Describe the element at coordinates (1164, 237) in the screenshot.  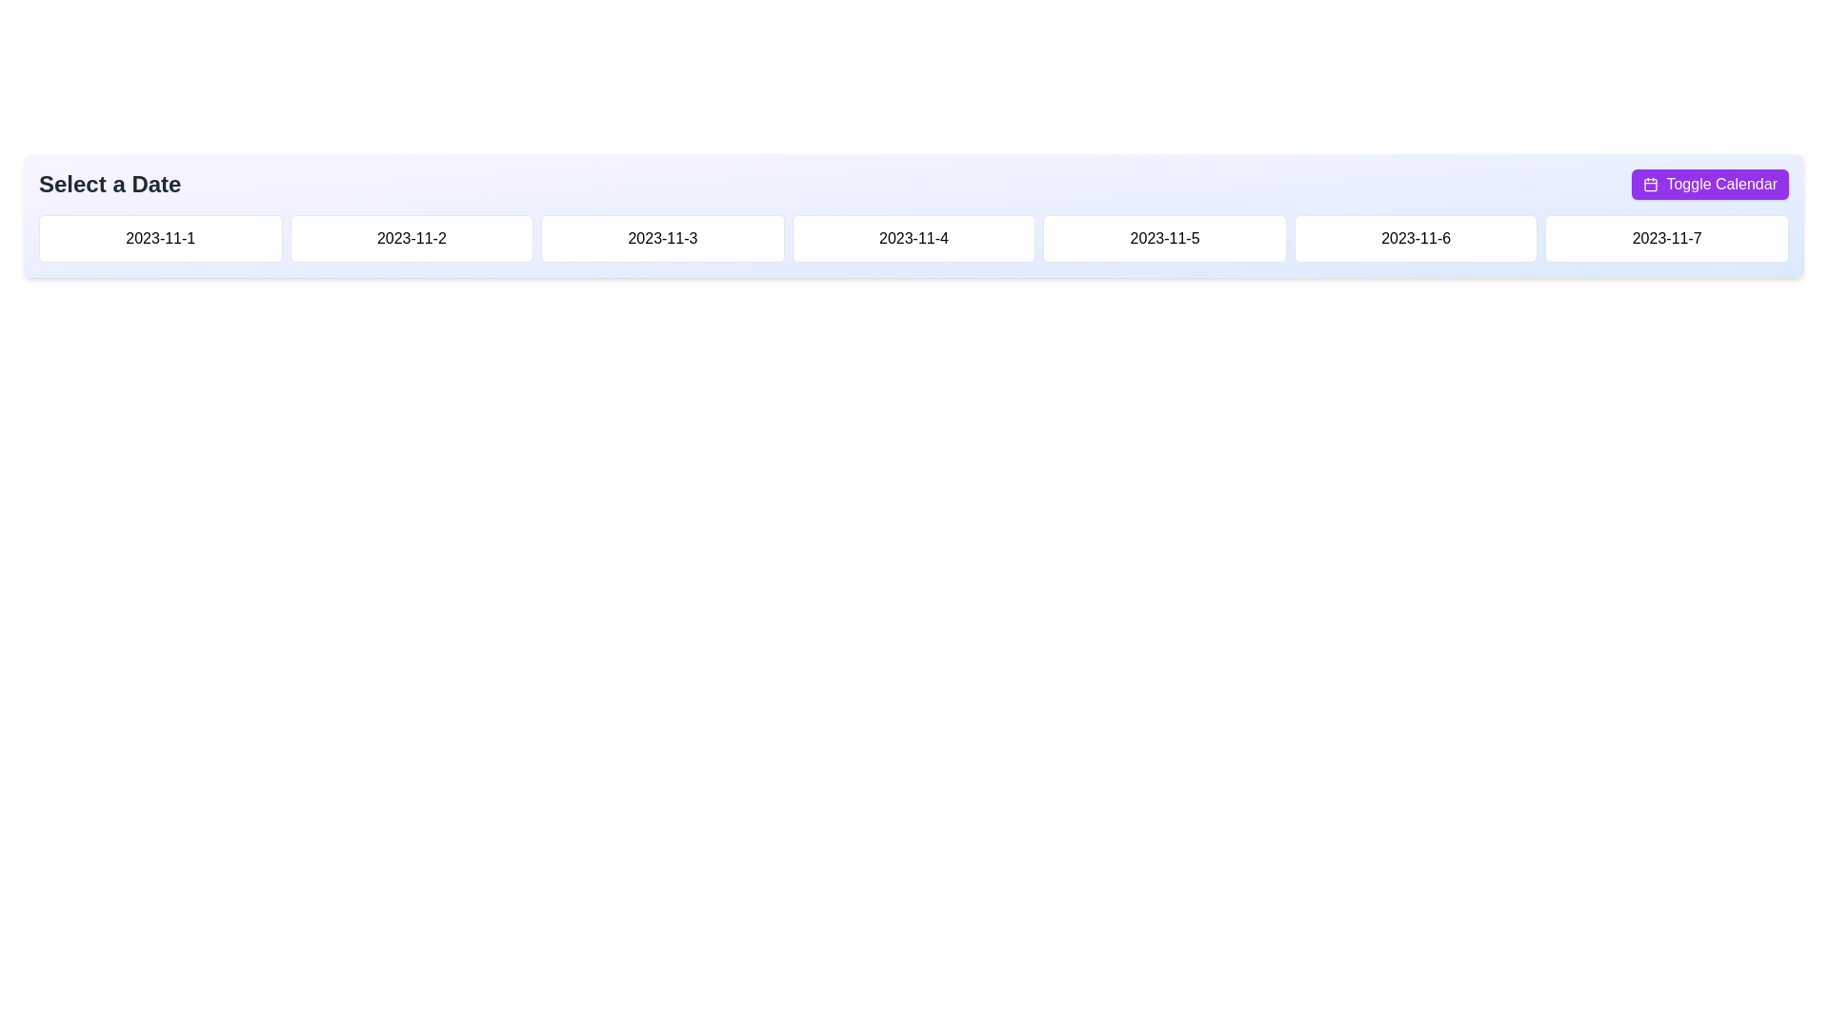
I see `the button with the text '2023-11-5', which is the fifth element in a horizontal row of interactive boxes` at that location.